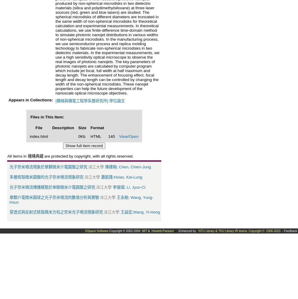  Describe the element at coordinates (140, 211) in the screenshot. I see `'王益宏;Wang, Yi-Hong'` at that location.